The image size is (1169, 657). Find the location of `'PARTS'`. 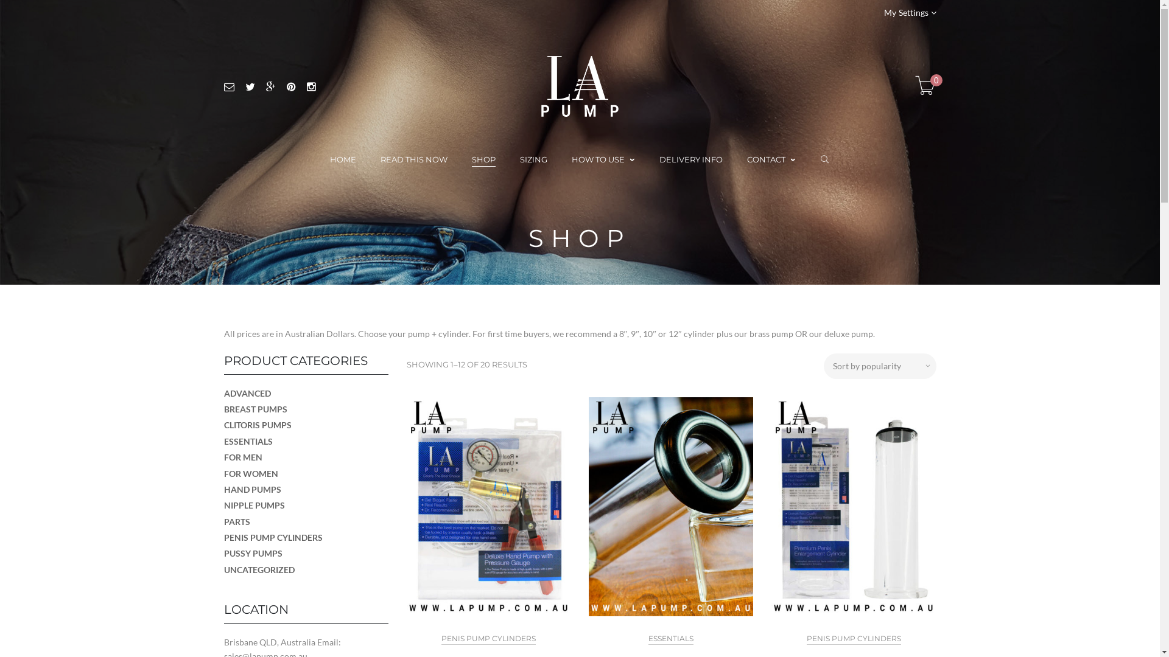

'PARTS' is located at coordinates (237, 521).